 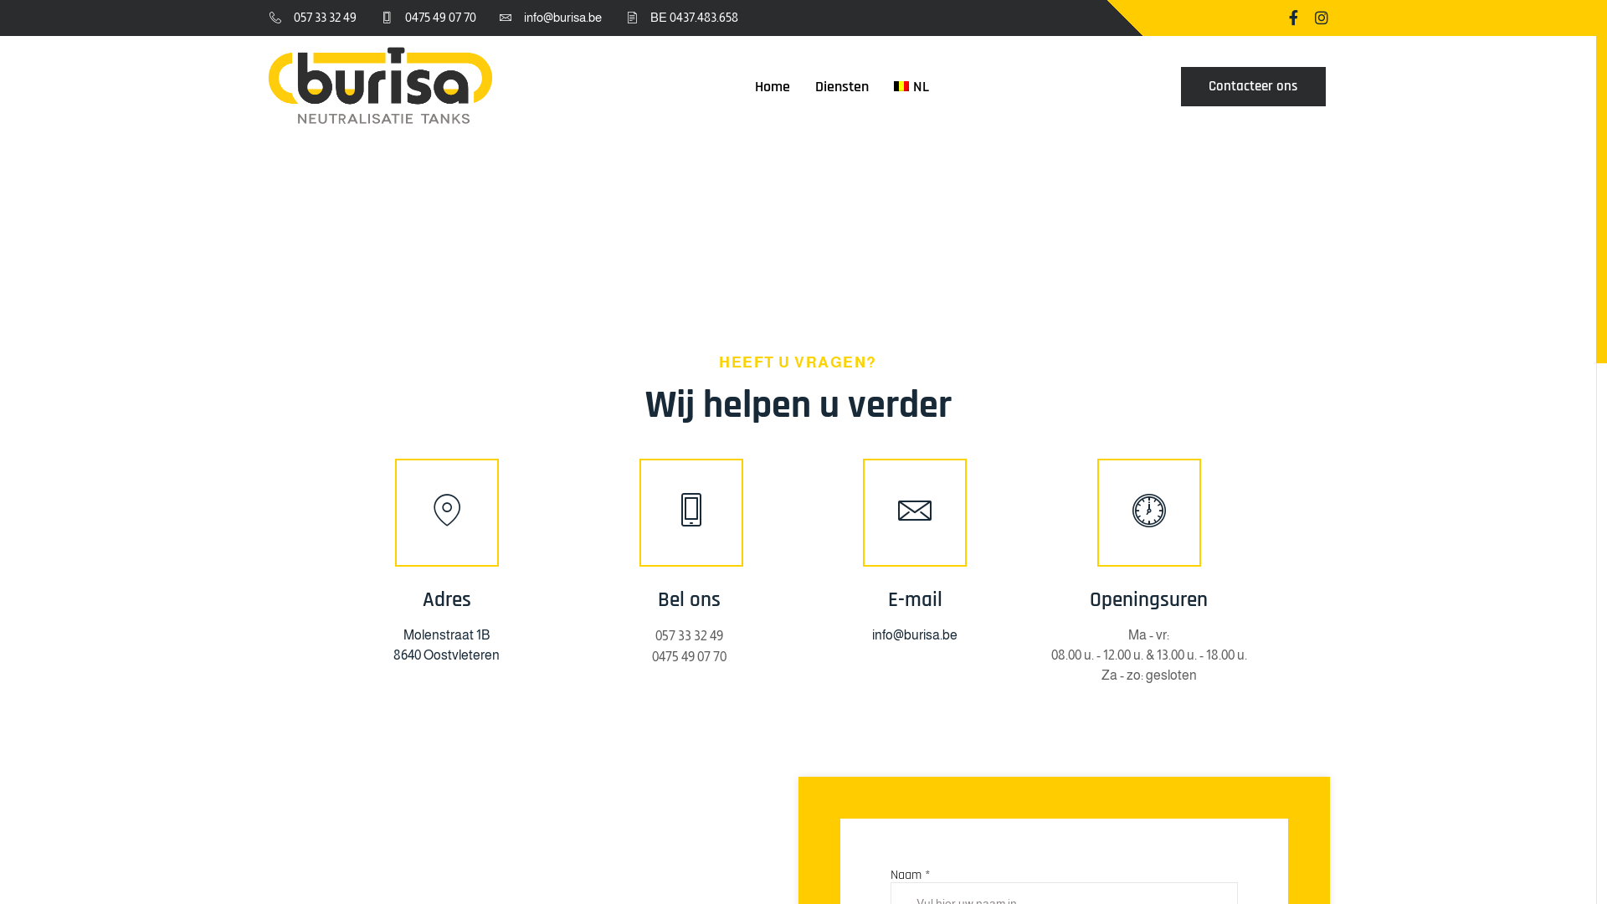 What do you see at coordinates (842, 85) in the screenshot?
I see `'Diensten'` at bounding box center [842, 85].